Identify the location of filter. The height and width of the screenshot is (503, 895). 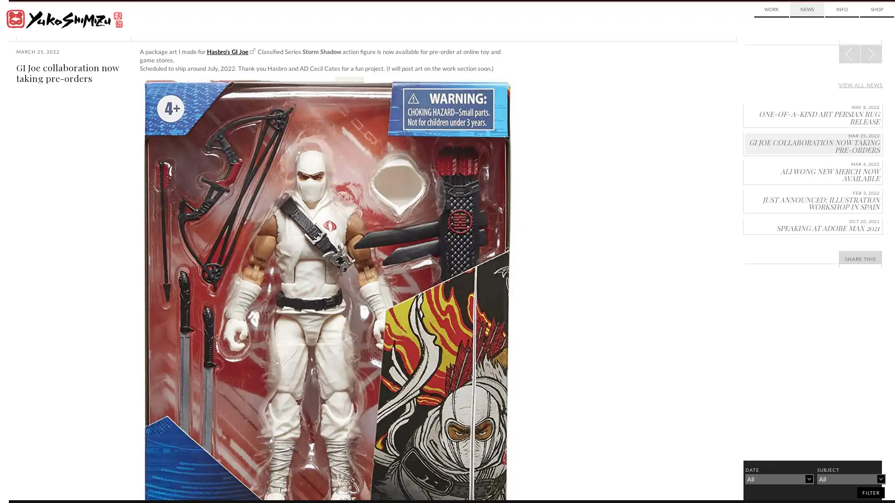
(870, 491).